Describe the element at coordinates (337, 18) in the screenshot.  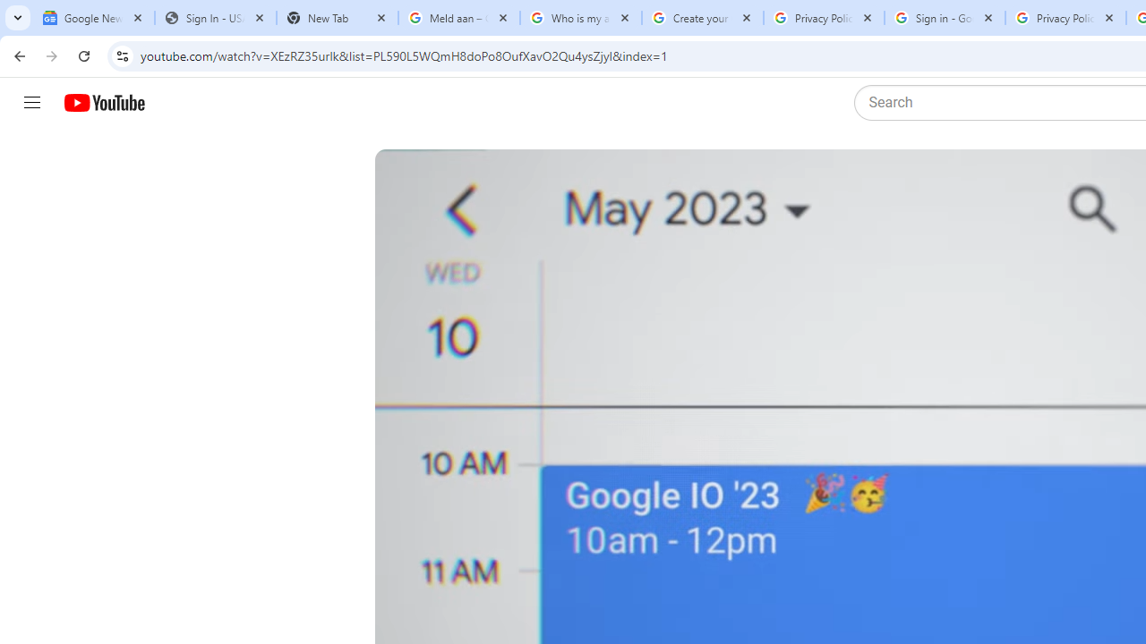
I see `'New Tab'` at that location.